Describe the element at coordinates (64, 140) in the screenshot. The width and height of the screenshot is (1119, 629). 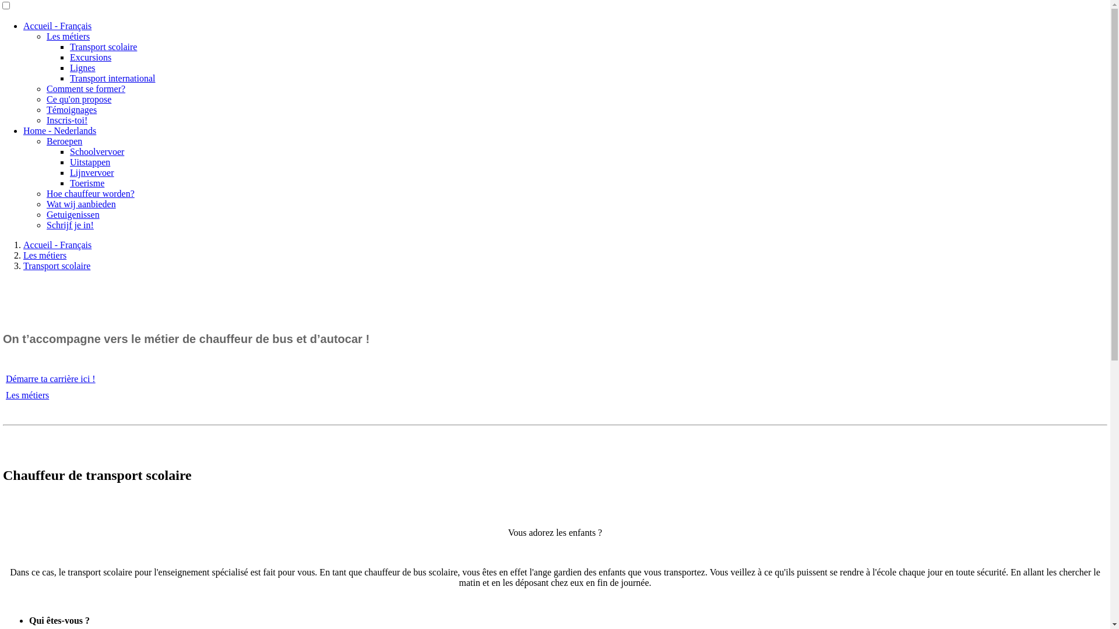
I see `'Beroepen'` at that location.